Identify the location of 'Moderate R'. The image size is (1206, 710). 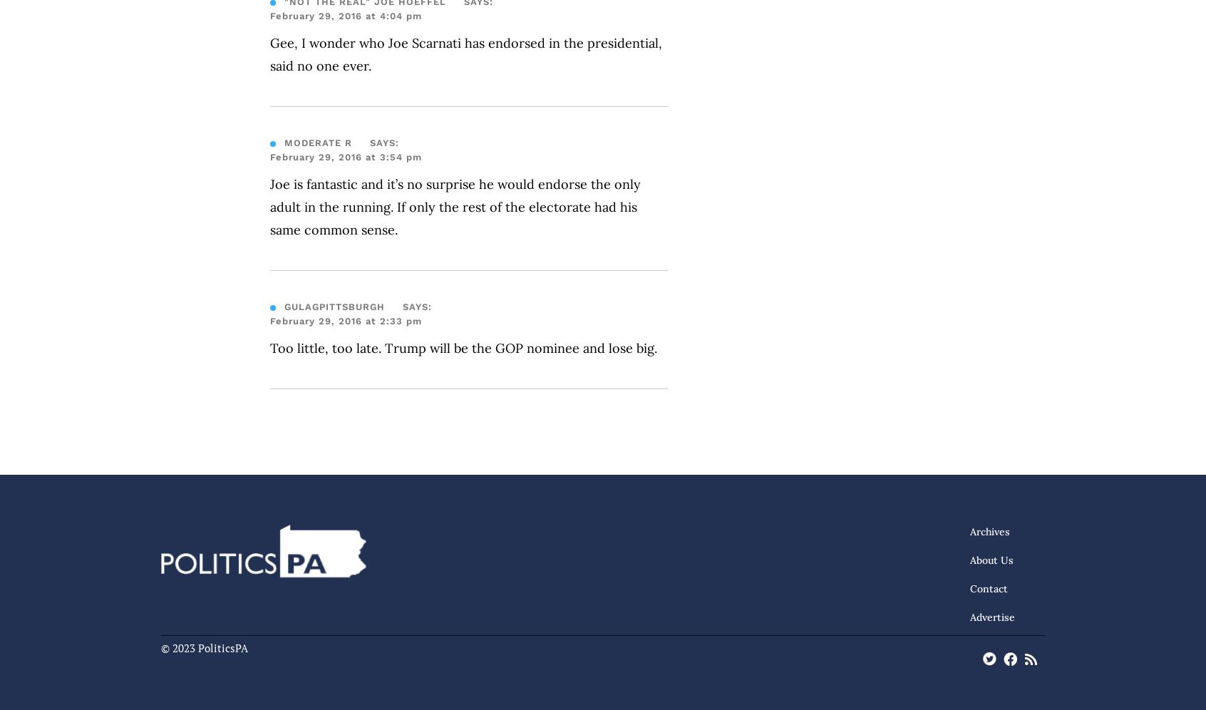
(284, 143).